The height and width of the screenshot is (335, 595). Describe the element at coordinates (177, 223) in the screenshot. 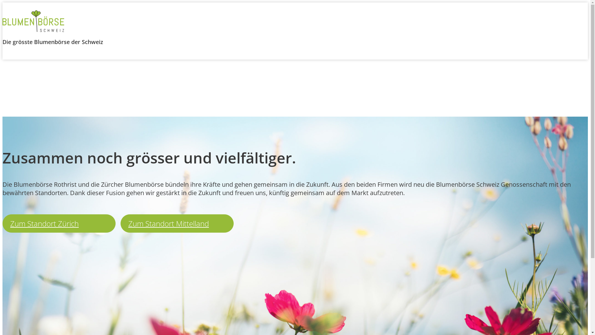

I see `'Zum Standort Mittelland'` at that location.